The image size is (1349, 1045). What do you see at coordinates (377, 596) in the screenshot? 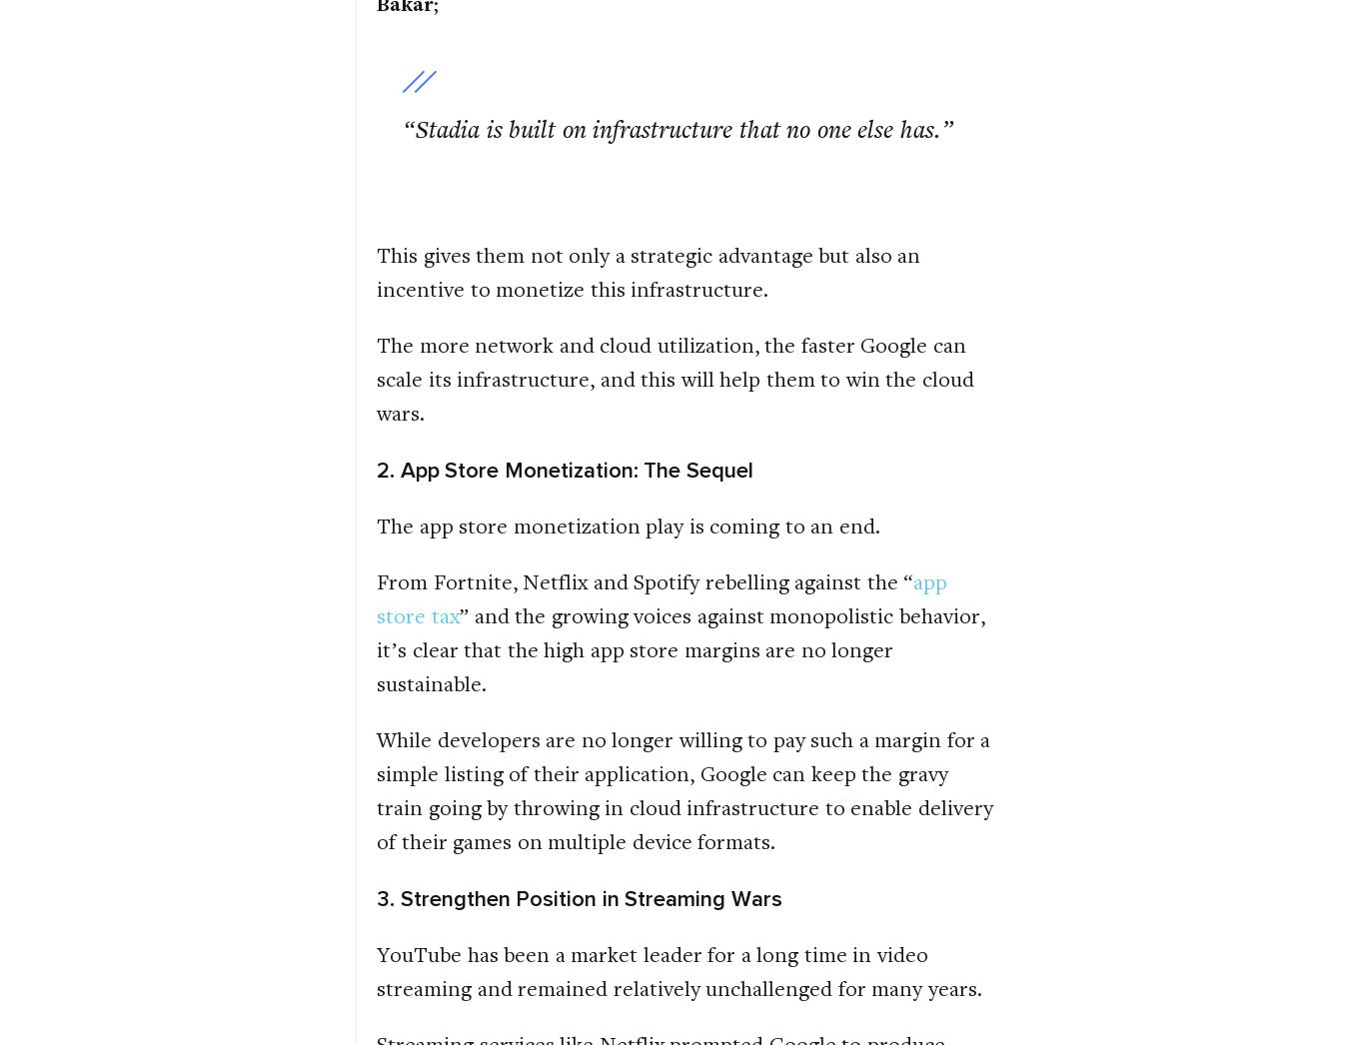
I see `'app store tax'` at bounding box center [377, 596].